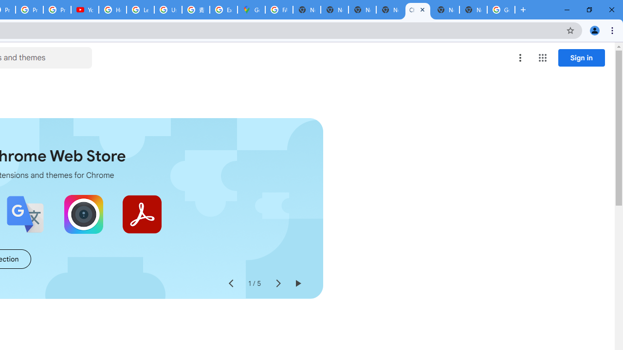 The width and height of the screenshot is (623, 350). Describe the element at coordinates (85, 10) in the screenshot. I see `'YouTube'` at that location.